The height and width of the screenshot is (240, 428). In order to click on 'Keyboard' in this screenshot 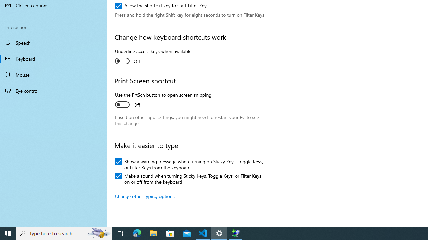, I will do `click(53, 58)`.